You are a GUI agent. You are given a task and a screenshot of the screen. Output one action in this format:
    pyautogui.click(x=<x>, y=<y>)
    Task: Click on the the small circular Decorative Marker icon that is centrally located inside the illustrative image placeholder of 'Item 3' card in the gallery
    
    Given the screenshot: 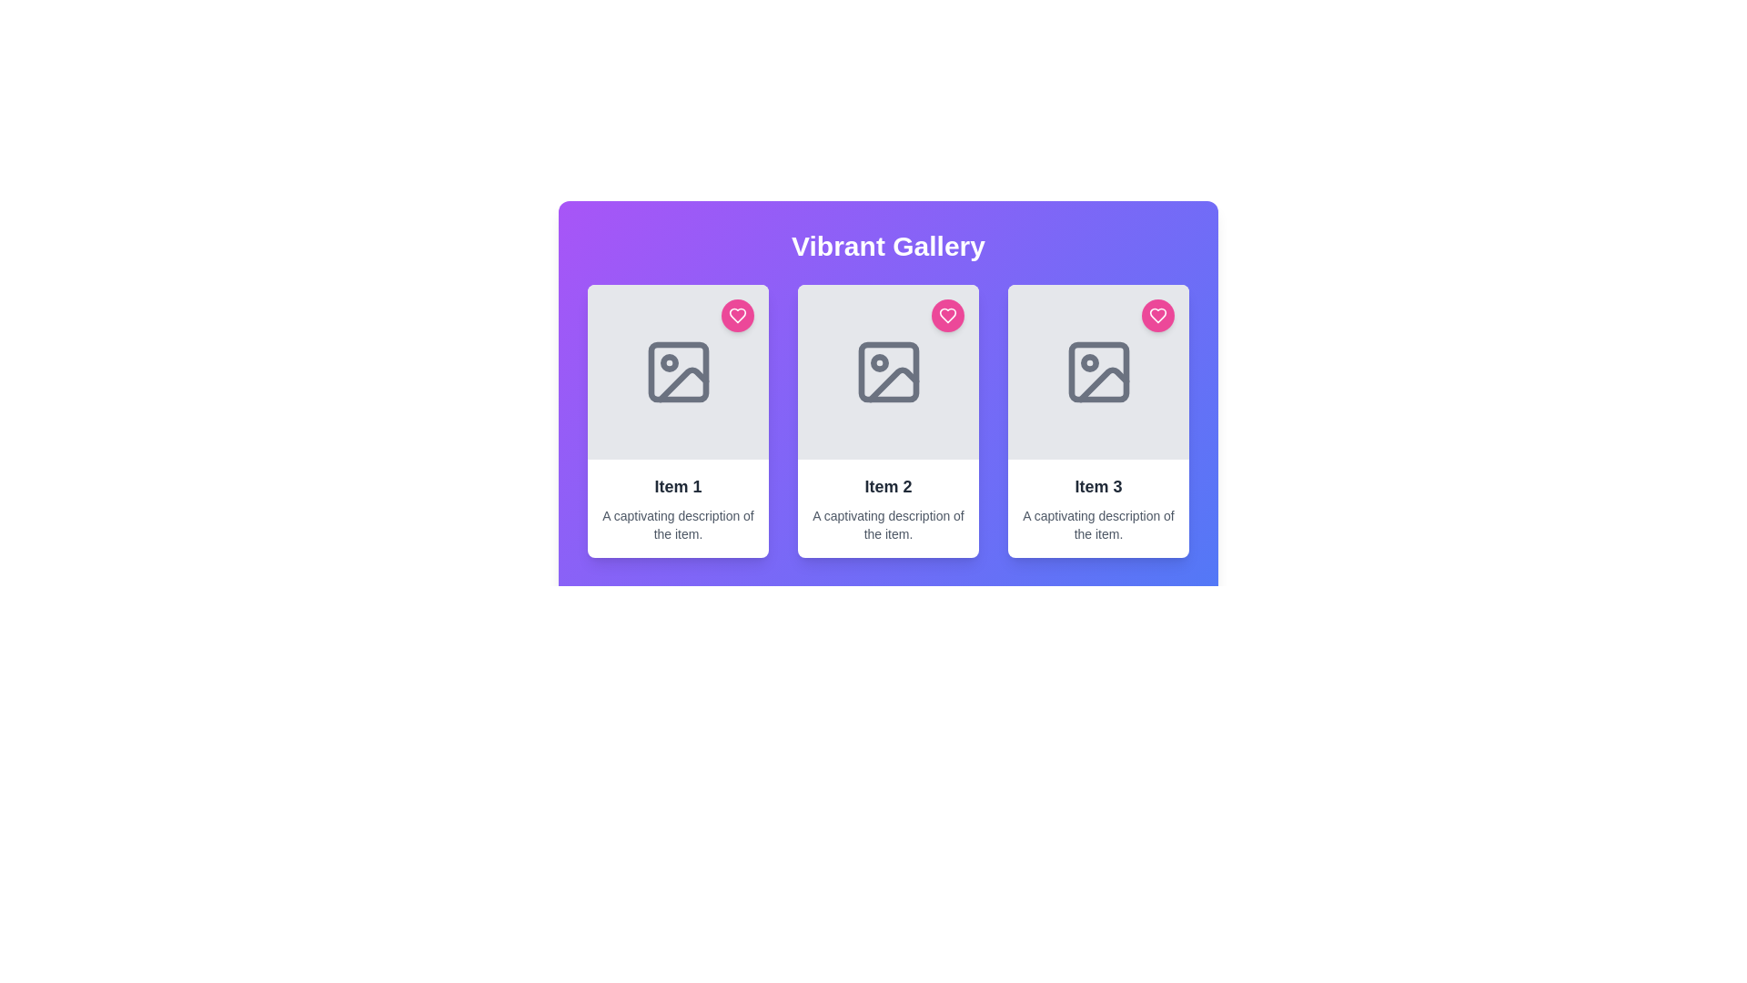 What is the action you would take?
    pyautogui.click(x=1089, y=362)
    